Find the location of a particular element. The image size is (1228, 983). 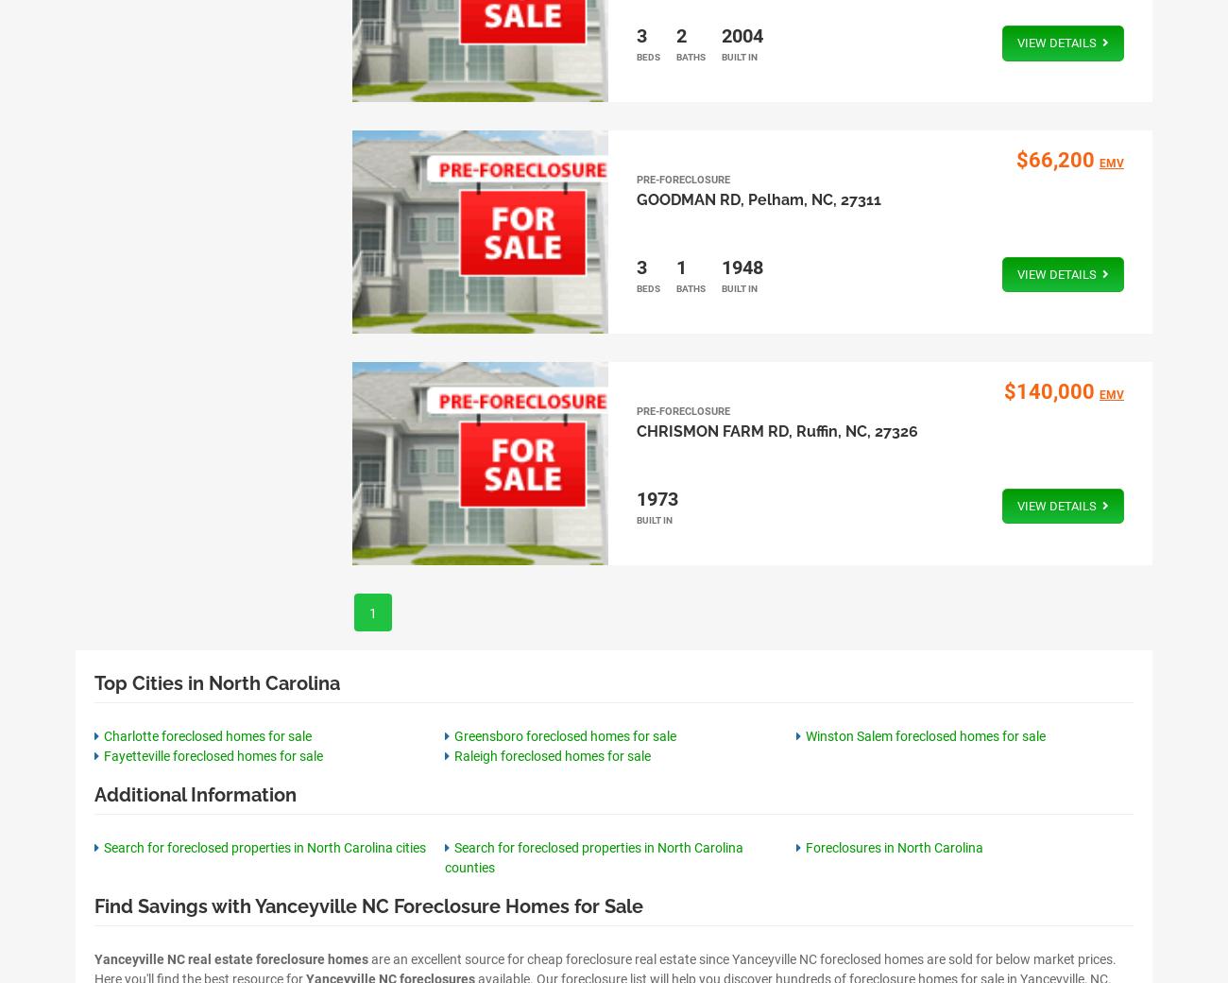

'Foreclosures in North Carolina' is located at coordinates (894, 845).